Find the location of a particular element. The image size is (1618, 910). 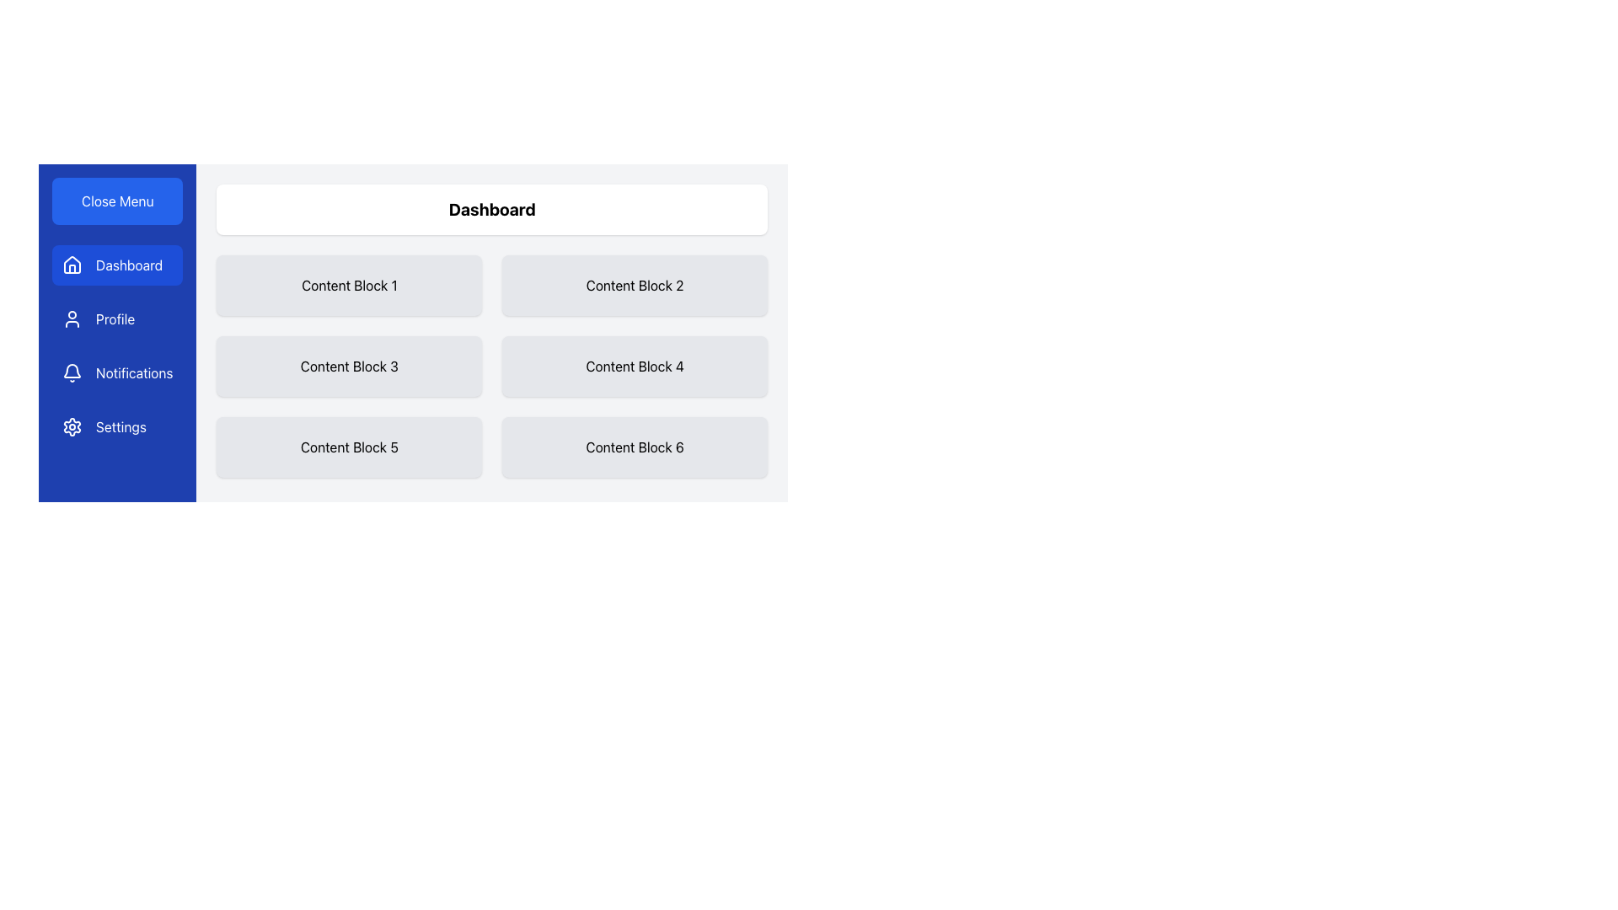

the 'Notifications' item in the vertical Navigation Menu located in the blue sidebar is located at coordinates (116, 345).